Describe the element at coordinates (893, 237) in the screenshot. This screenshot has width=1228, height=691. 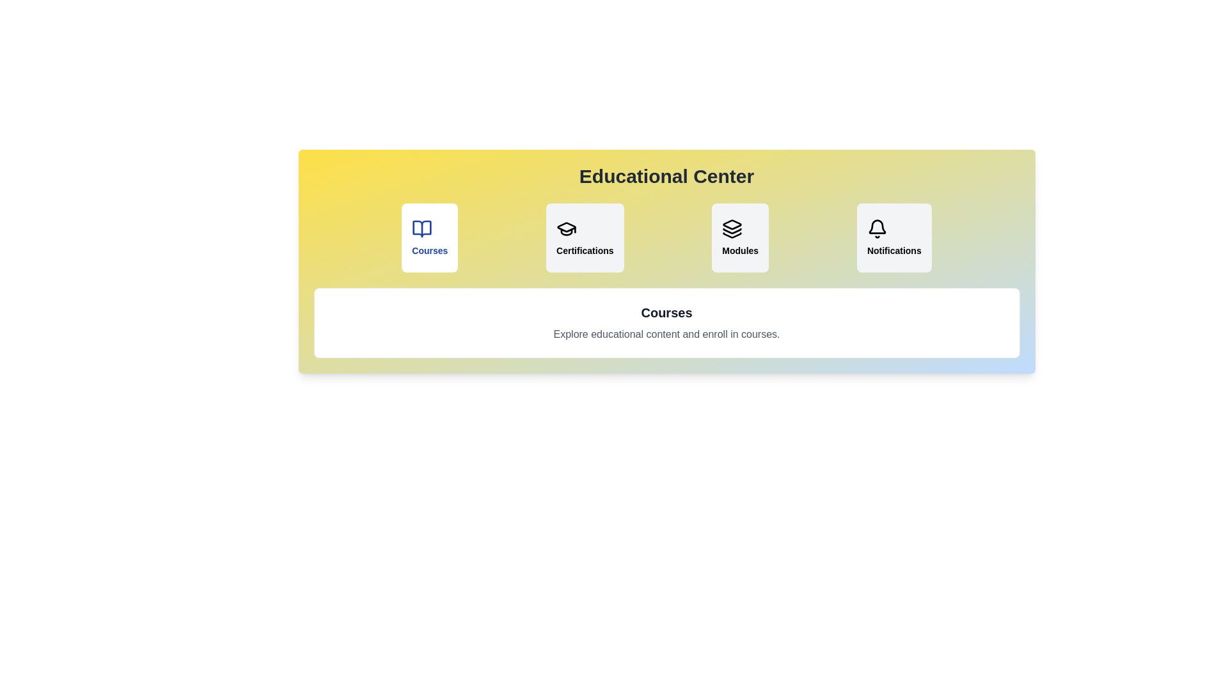
I see `the tab labeled 'Notifications' to observe the hover effect` at that location.